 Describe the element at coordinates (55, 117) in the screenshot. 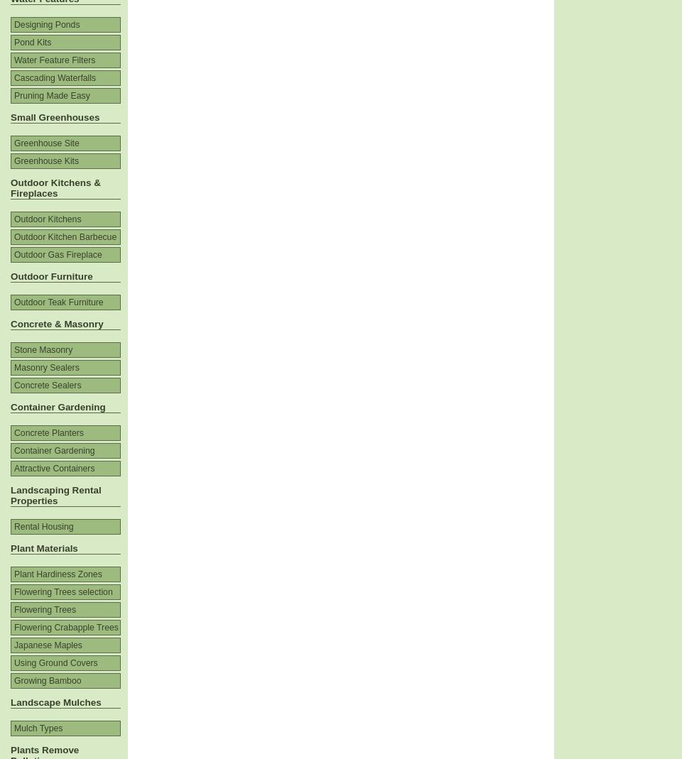

I see `'Small Greenhouses'` at that location.